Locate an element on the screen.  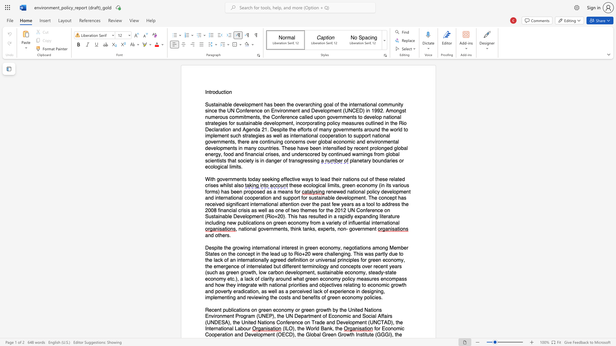
the subset text "ial crises, and underscored by continued wa" within the text "and financial crises, and underscored by continued warnings from global scientists that society is in danger of transgressing" is located at coordinates (259, 154).